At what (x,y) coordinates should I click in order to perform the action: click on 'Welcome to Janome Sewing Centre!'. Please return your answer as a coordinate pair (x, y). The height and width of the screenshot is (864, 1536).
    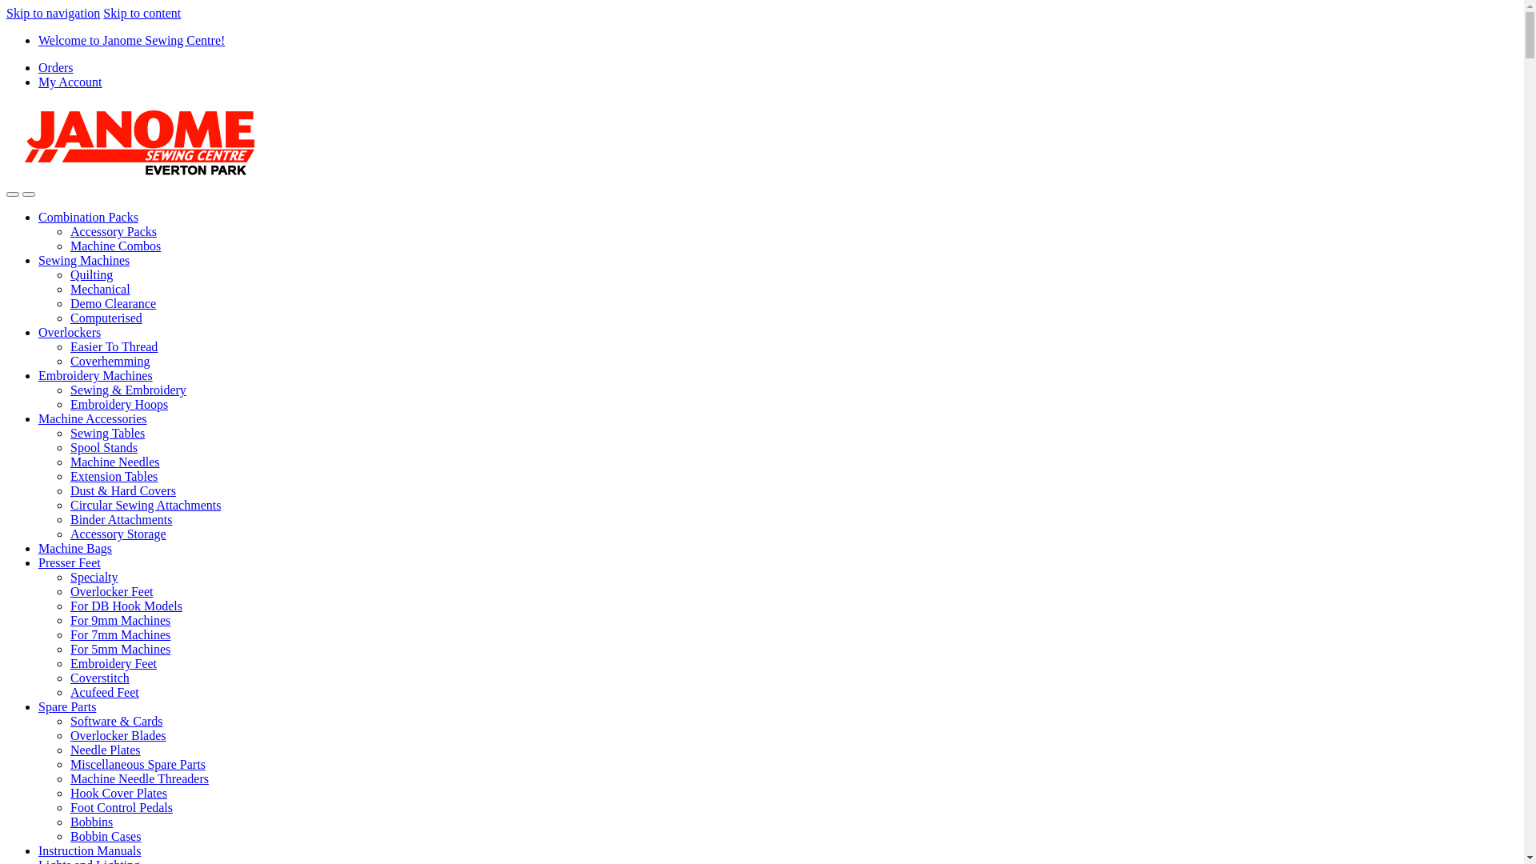
    Looking at the image, I should click on (38, 39).